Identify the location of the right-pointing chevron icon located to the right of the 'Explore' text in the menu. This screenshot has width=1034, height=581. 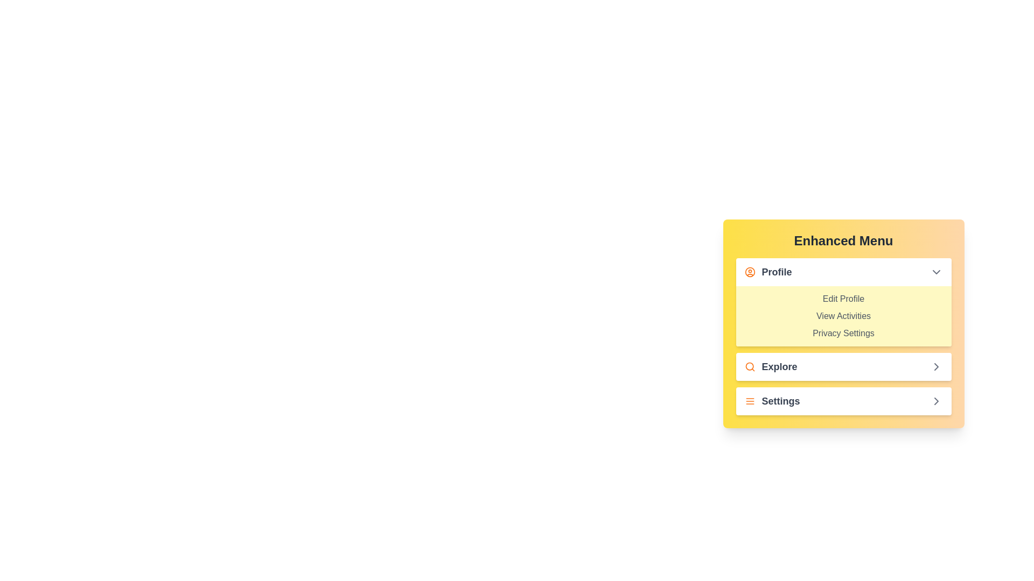
(935, 366).